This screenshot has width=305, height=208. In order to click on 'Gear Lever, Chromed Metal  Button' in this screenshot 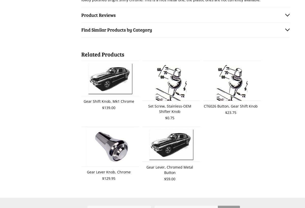, I will do `click(170, 170)`.